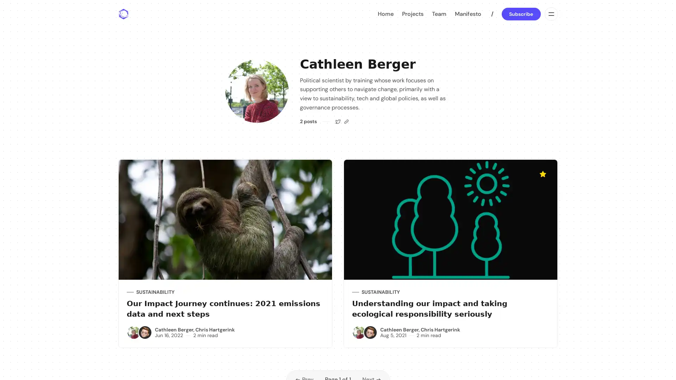 The image size is (676, 380). I want to click on Menu, so click(550, 14).